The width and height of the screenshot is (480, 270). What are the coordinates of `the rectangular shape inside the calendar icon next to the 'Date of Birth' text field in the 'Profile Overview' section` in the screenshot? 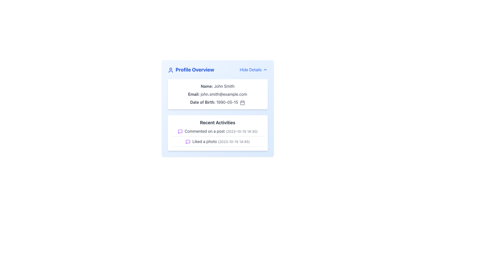 It's located at (242, 102).